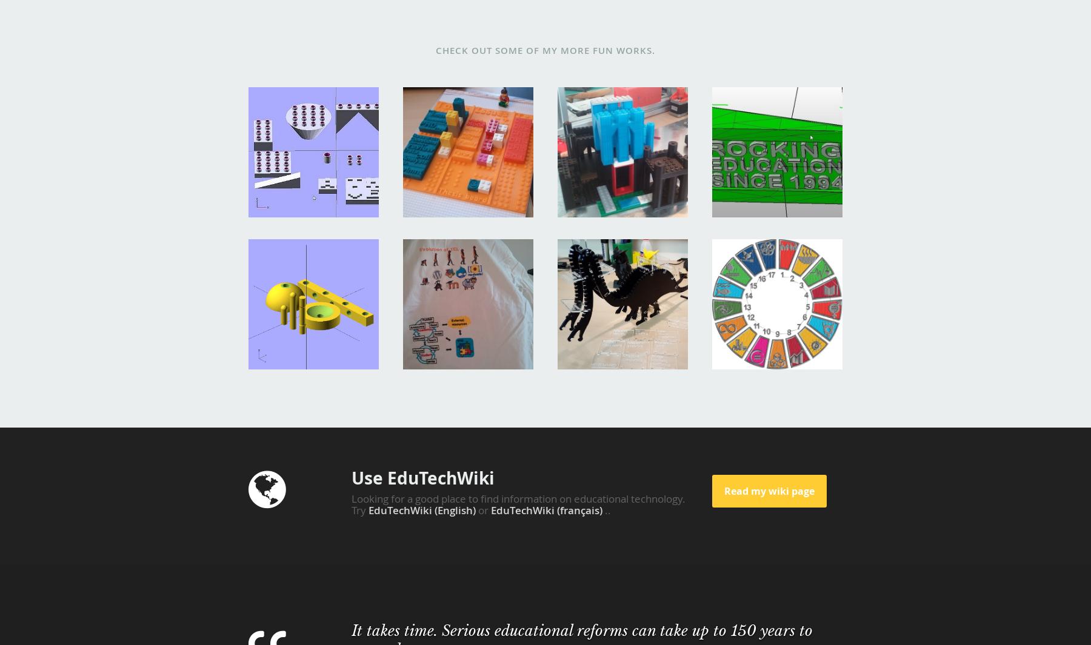 The height and width of the screenshot is (645, 1091). What do you see at coordinates (413, 273) in the screenshot?
I see `'Dress smartly and make your point !'` at bounding box center [413, 273].